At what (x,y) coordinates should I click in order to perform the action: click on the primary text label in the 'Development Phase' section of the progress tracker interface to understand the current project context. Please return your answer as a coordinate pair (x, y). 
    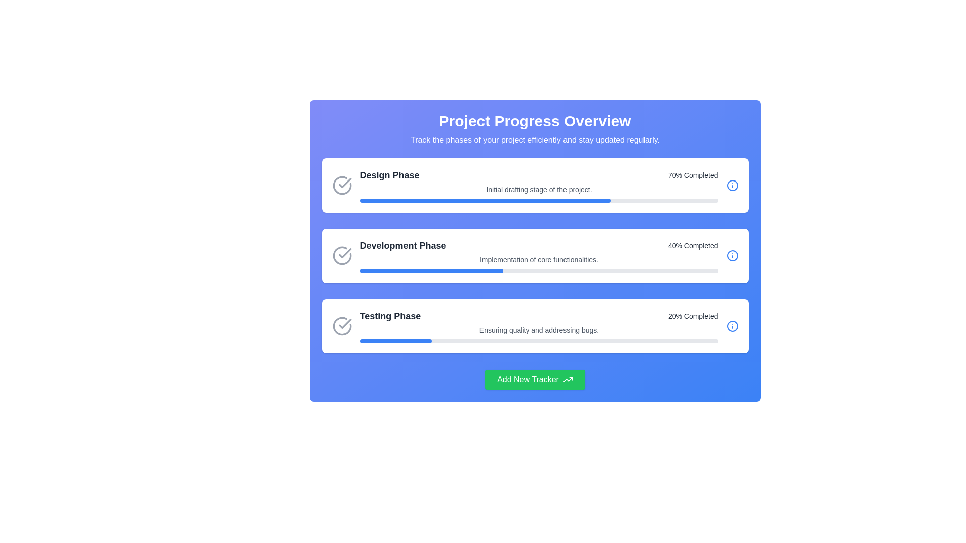
    Looking at the image, I should click on (403, 246).